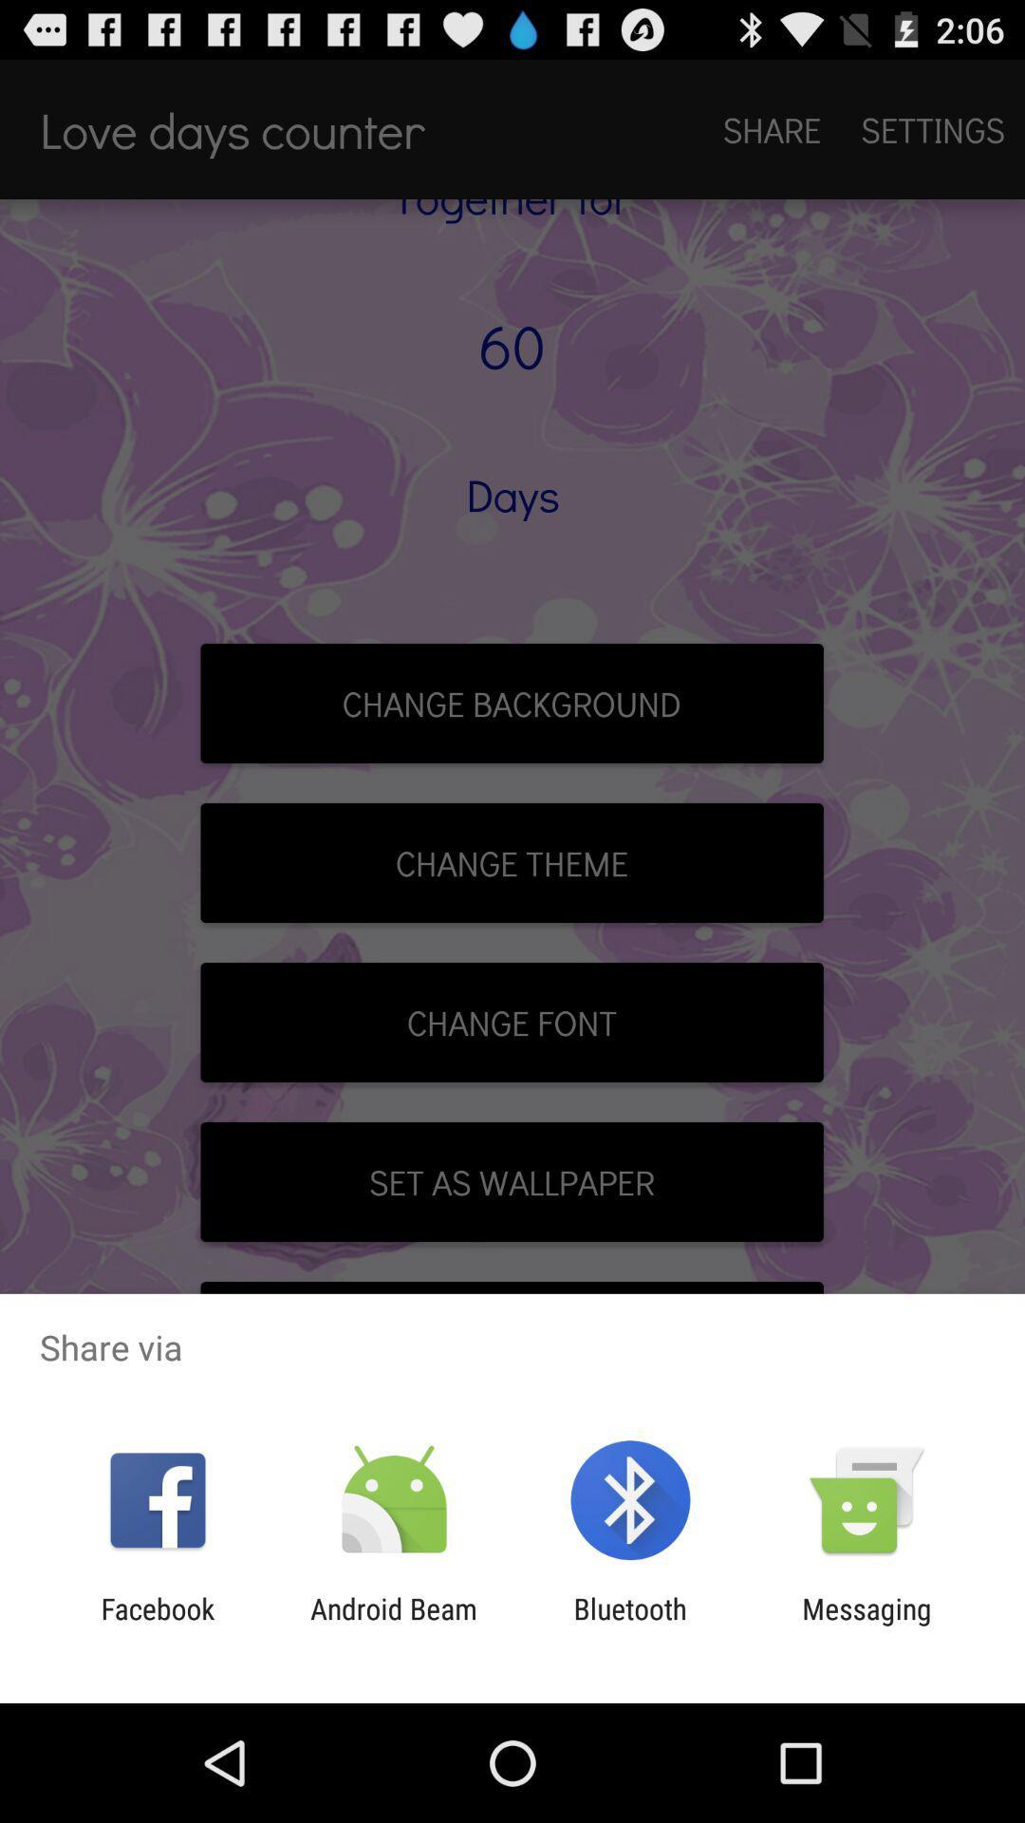 Image resolution: width=1025 pixels, height=1823 pixels. I want to click on the app next to bluetooth app, so click(867, 1625).